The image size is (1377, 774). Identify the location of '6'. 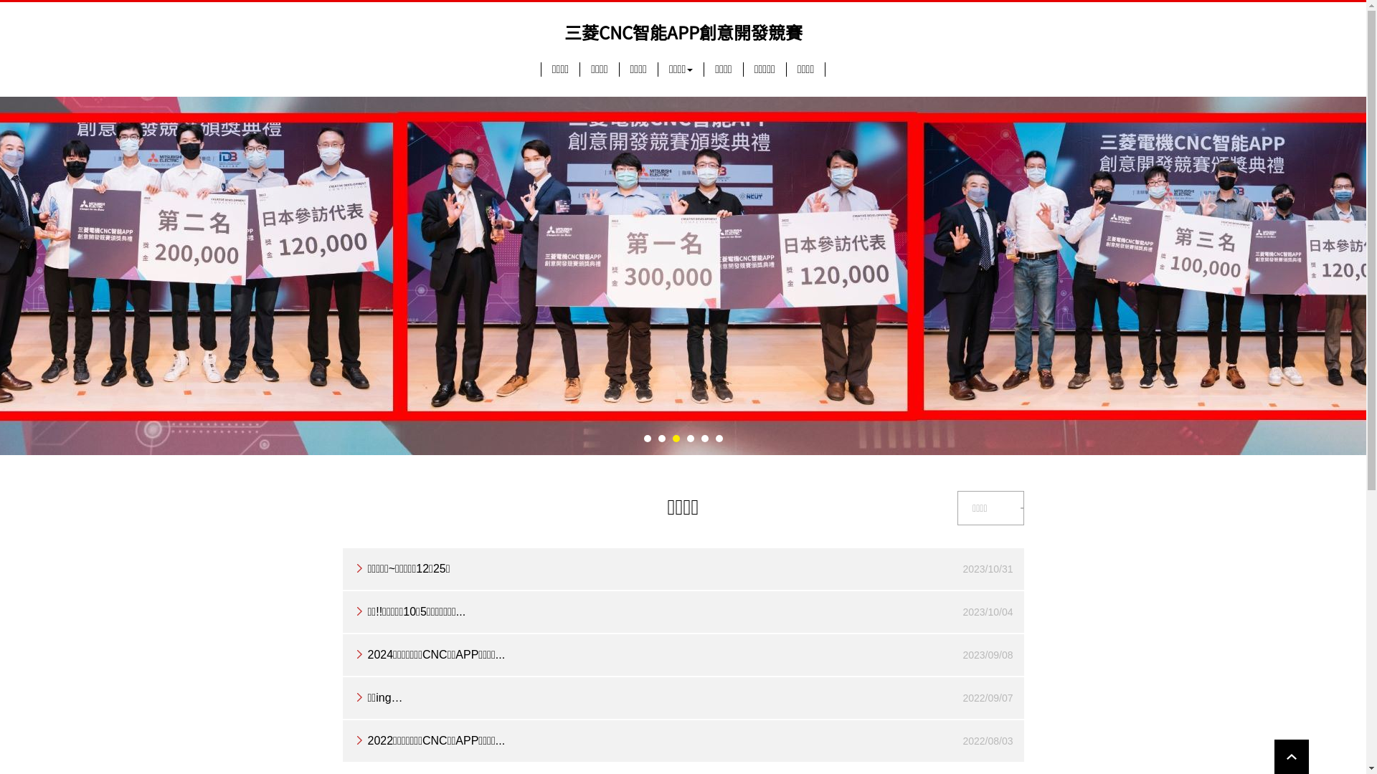
(719, 436).